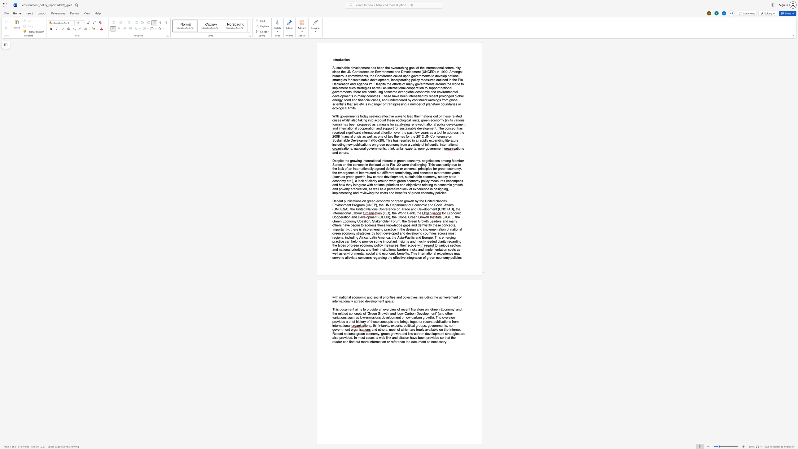 This screenshot has width=798, height=449. What do you see at coordinates (333, 59) in the screenshot?
I see `the space between the continuous character "I" and "n" in the text` at bounding box center [333, 59].